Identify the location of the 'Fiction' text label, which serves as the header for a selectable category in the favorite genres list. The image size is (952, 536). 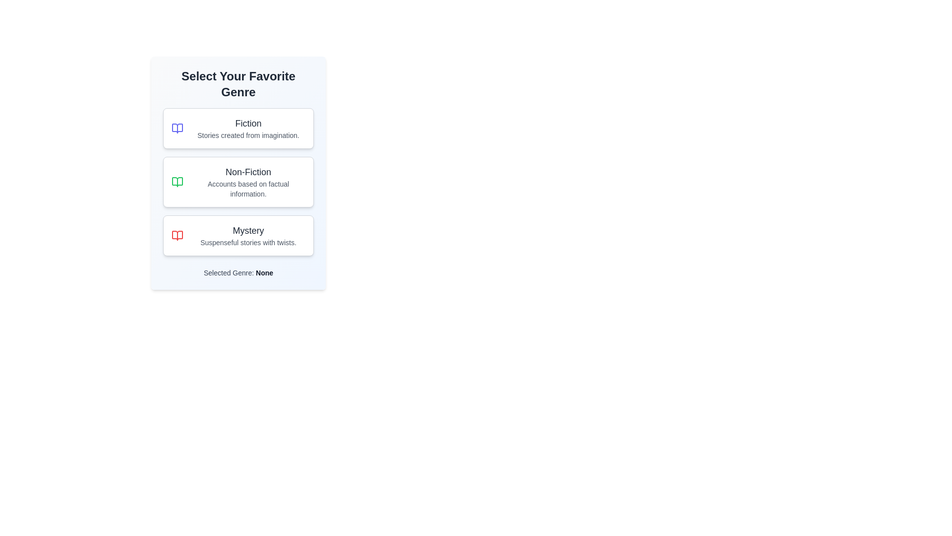
(248, 123).